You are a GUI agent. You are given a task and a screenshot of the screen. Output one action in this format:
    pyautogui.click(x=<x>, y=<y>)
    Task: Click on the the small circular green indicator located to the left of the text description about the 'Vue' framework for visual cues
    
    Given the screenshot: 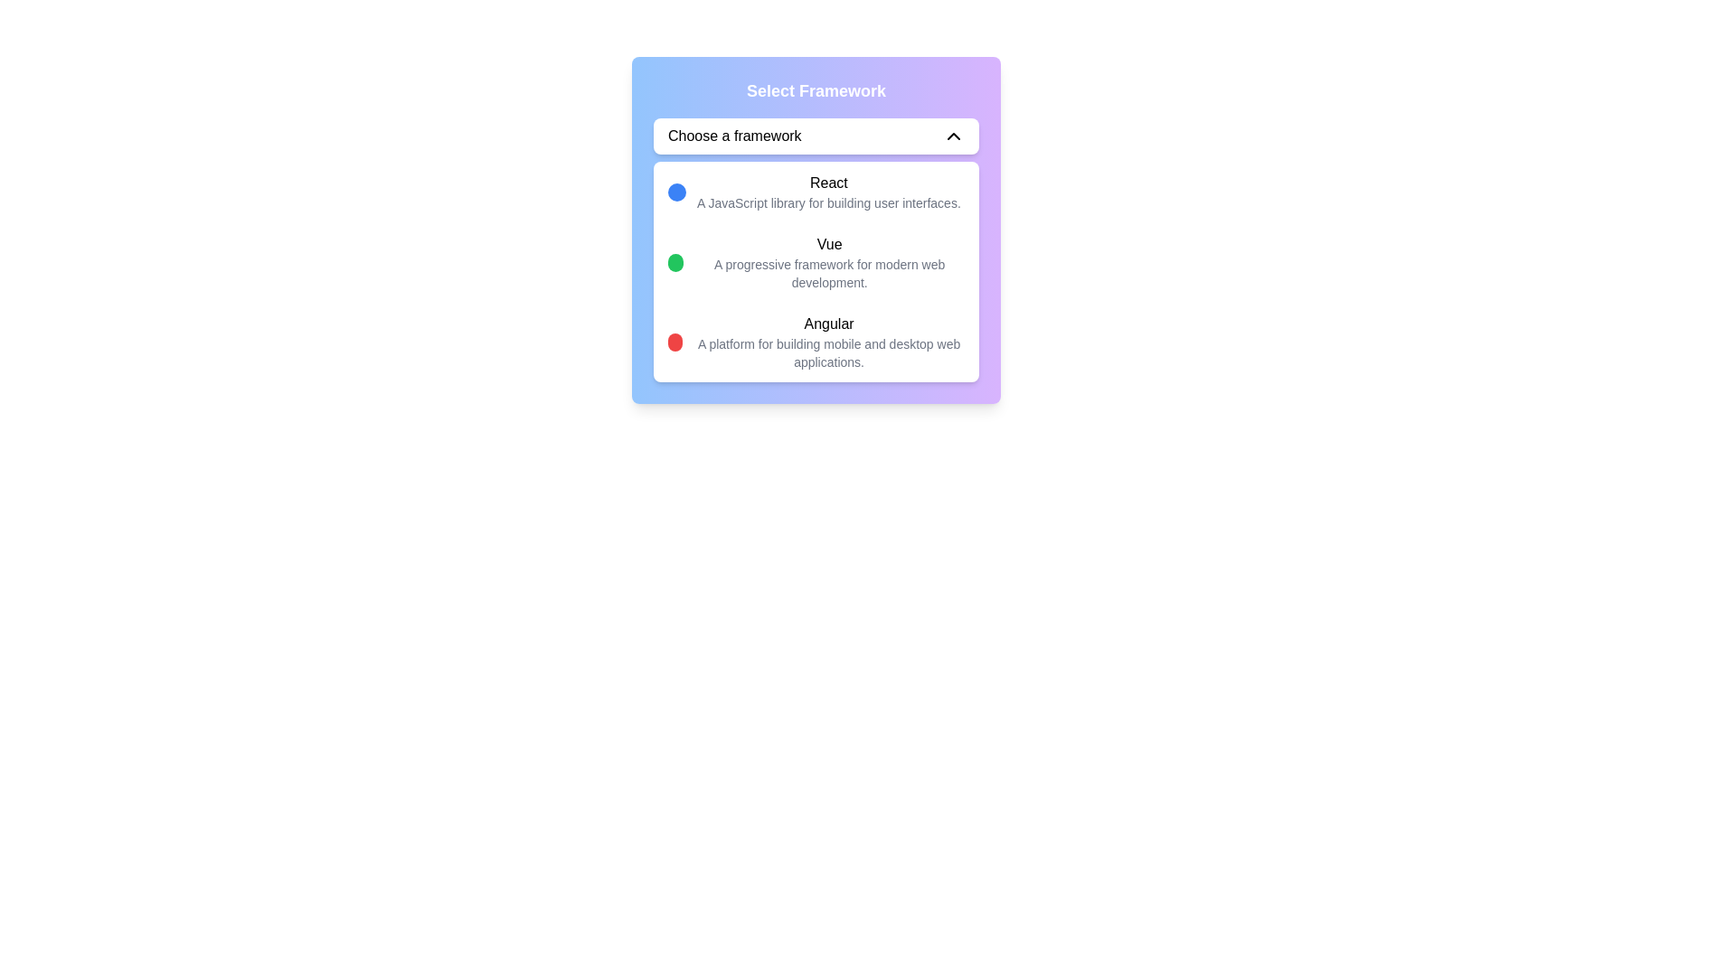 What is the action you would take?
    pyautogui.click(x=675, y=262)
    